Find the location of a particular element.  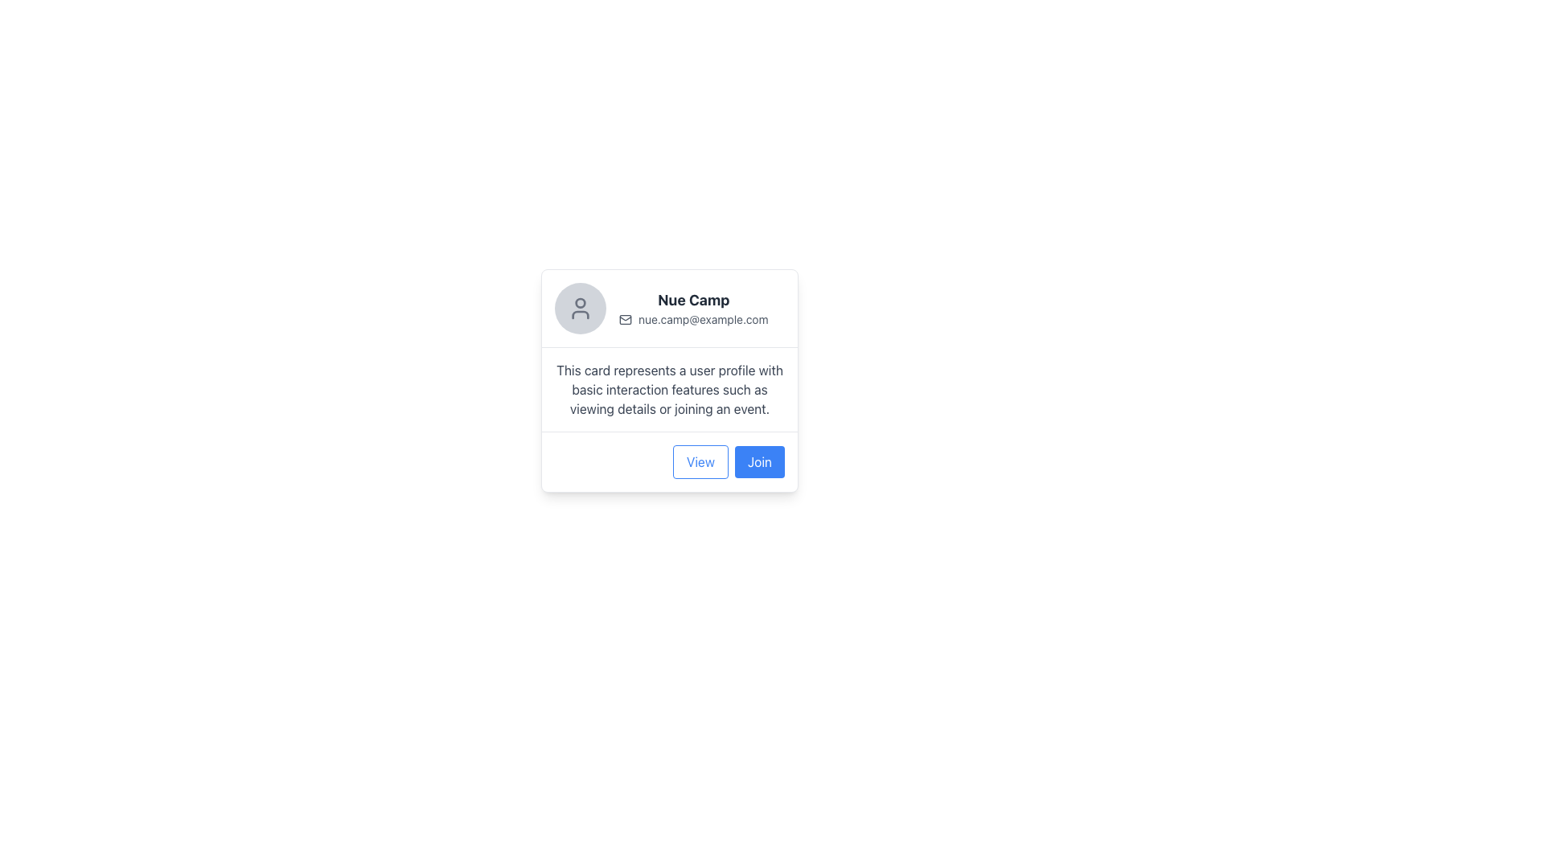

text content of the paragraph styled with a neutral gray font that describes the user profile features, located in the middle section of the user profile card is located at coordinates (670, 390).